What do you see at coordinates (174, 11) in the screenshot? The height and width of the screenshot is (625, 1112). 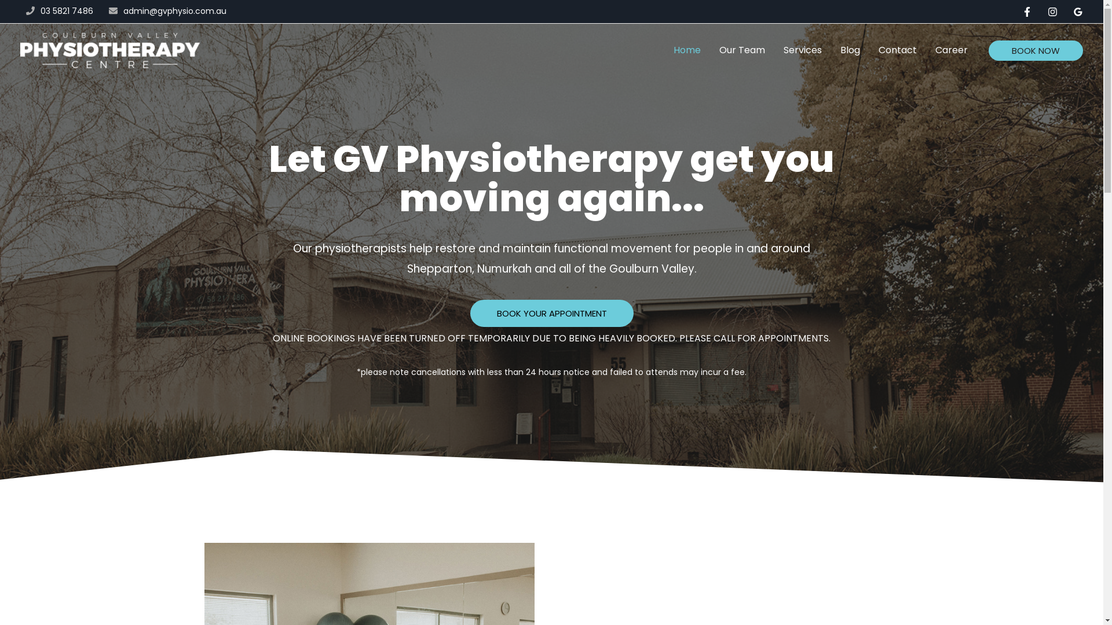 I see `'admin@gvphysio.com.au'` at bounding box center [174, 11].